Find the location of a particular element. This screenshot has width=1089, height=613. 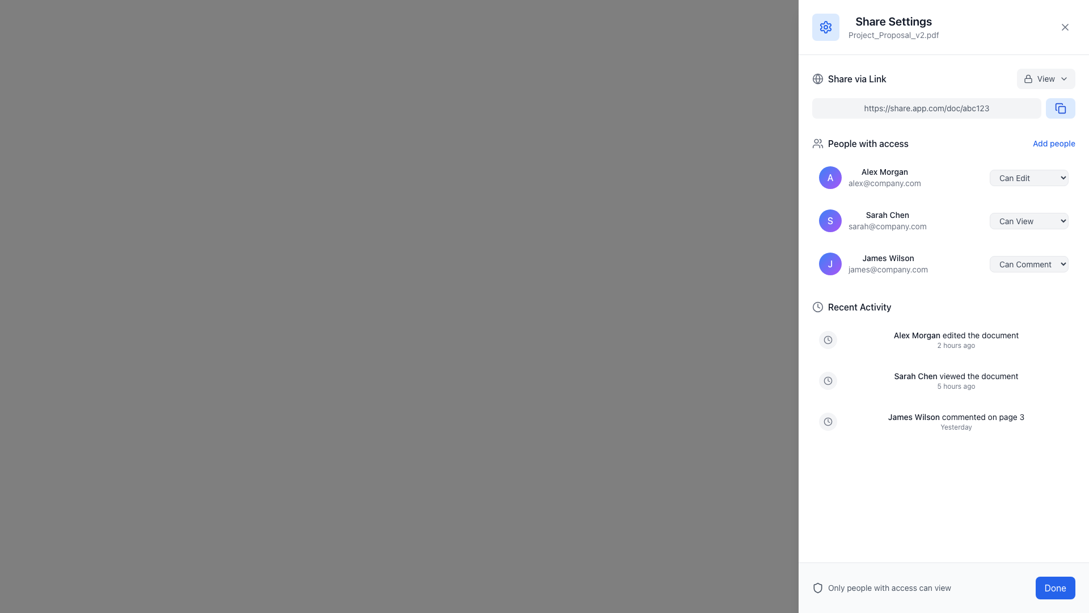

the circular base of the clock icon located near the activity feed section of the right-side panel is located at coordinates (828, 422).